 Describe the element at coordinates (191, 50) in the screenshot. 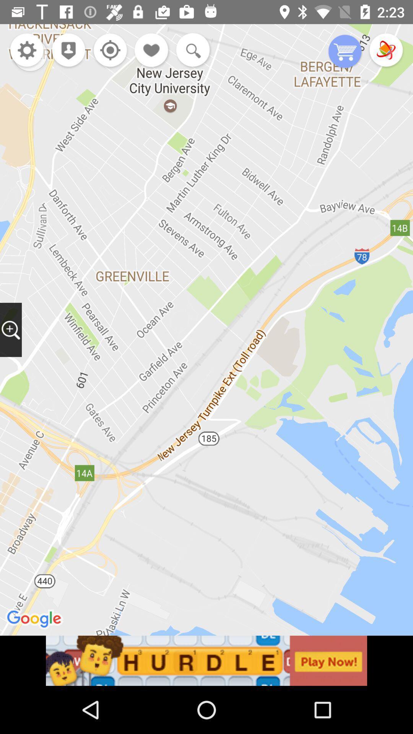

I see `go zoom` at that location.